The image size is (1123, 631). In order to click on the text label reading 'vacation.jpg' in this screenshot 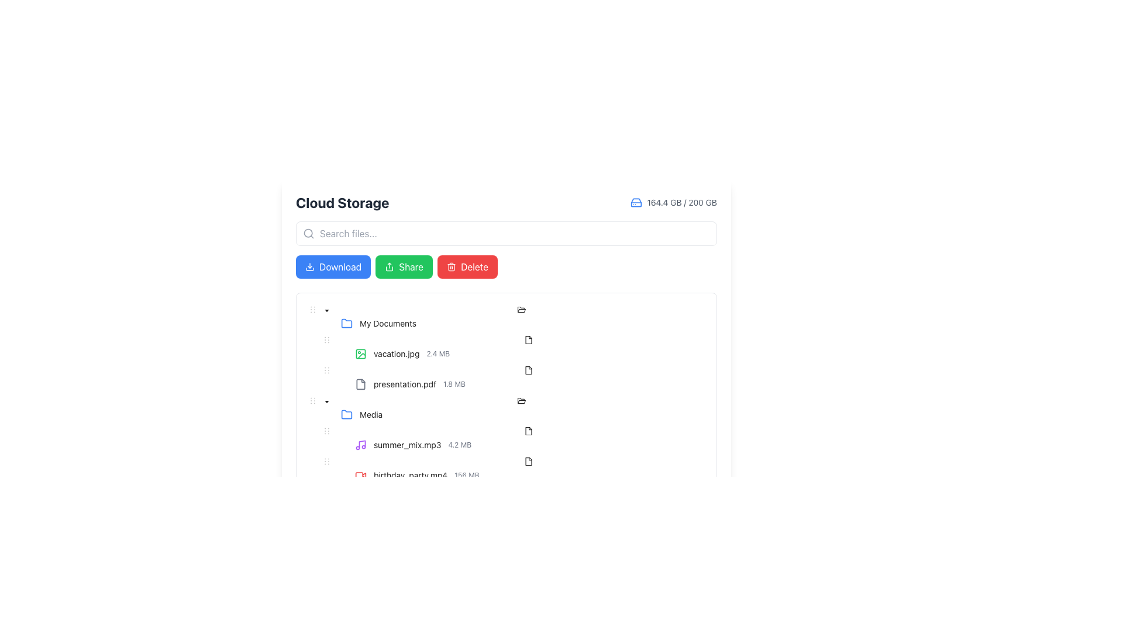, I will do `click(397, 353)`.